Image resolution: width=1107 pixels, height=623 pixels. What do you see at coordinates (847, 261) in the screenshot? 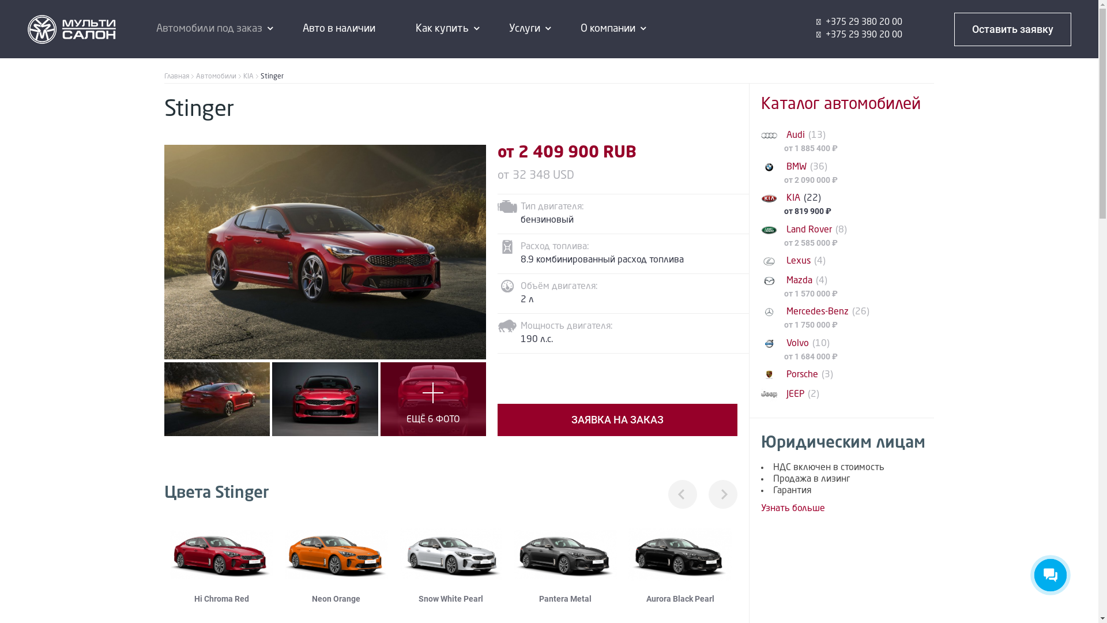
I see `'Lexus (4)'` at bounding box center [847, 261].